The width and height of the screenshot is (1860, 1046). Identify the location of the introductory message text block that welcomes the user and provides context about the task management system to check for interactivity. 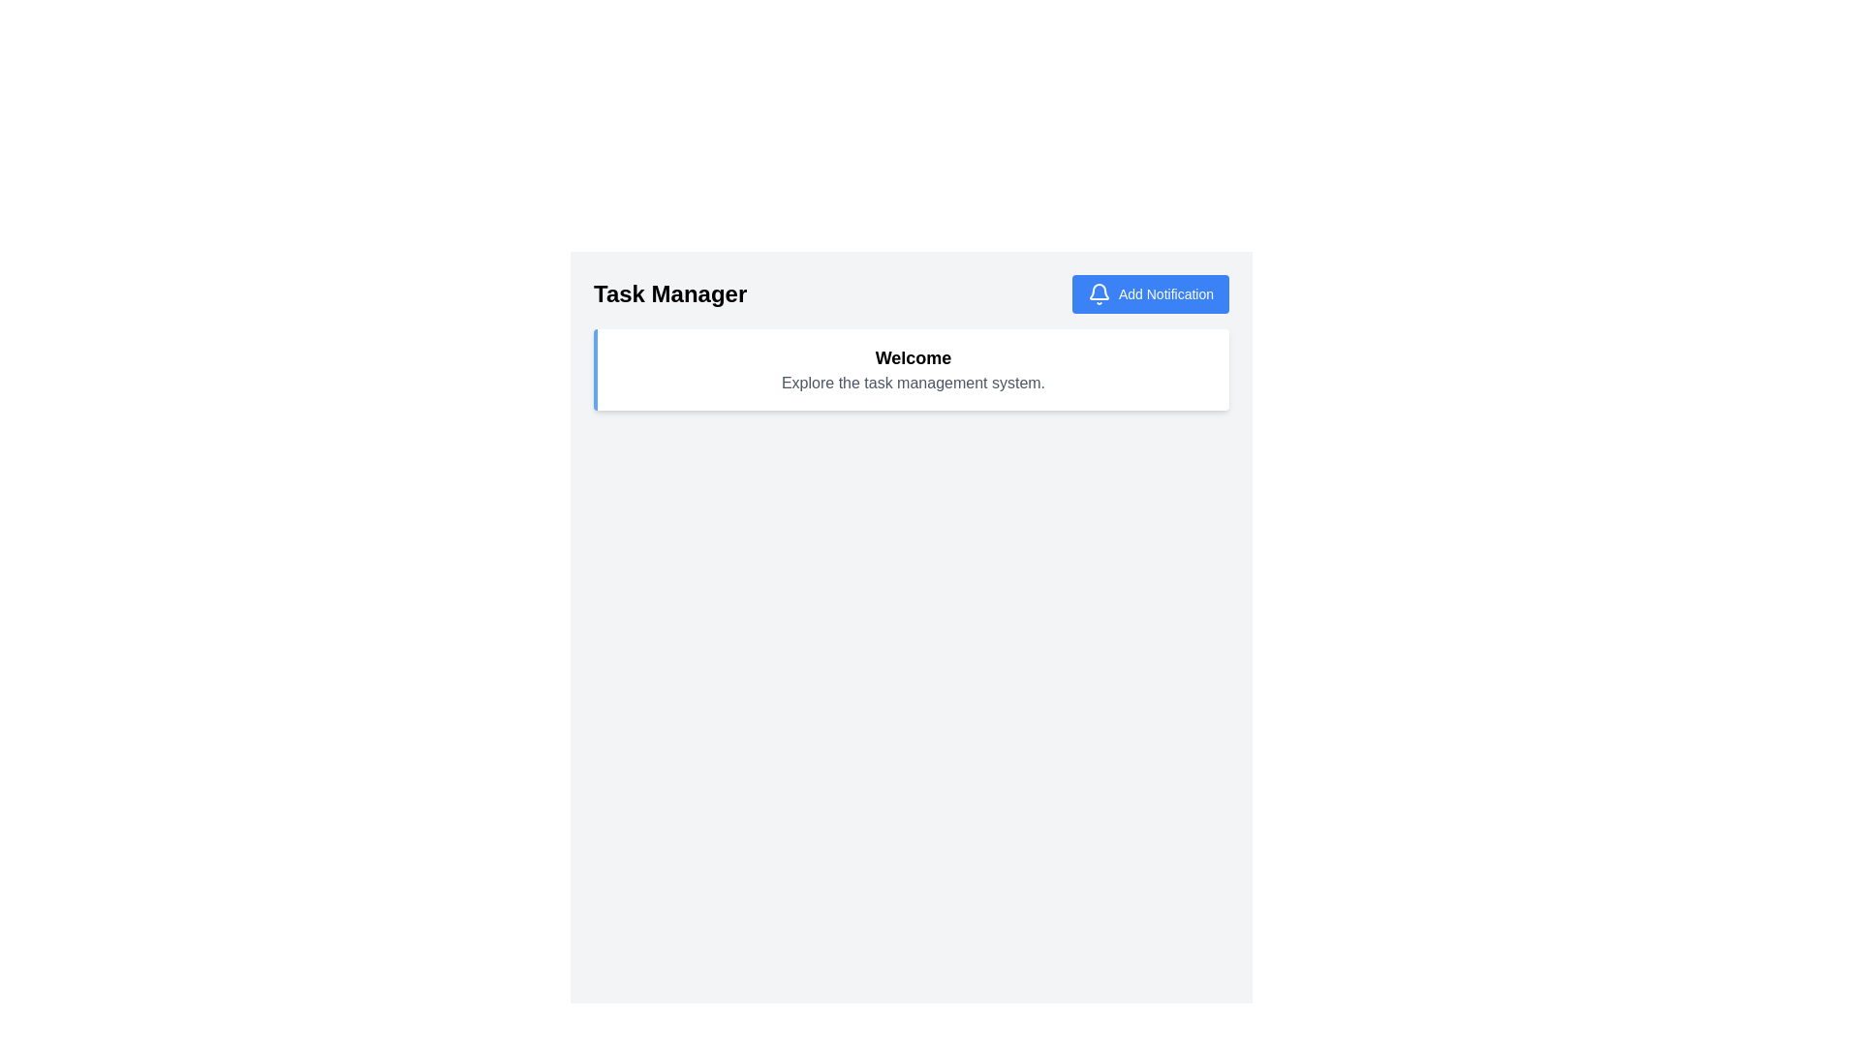
(910, 369).